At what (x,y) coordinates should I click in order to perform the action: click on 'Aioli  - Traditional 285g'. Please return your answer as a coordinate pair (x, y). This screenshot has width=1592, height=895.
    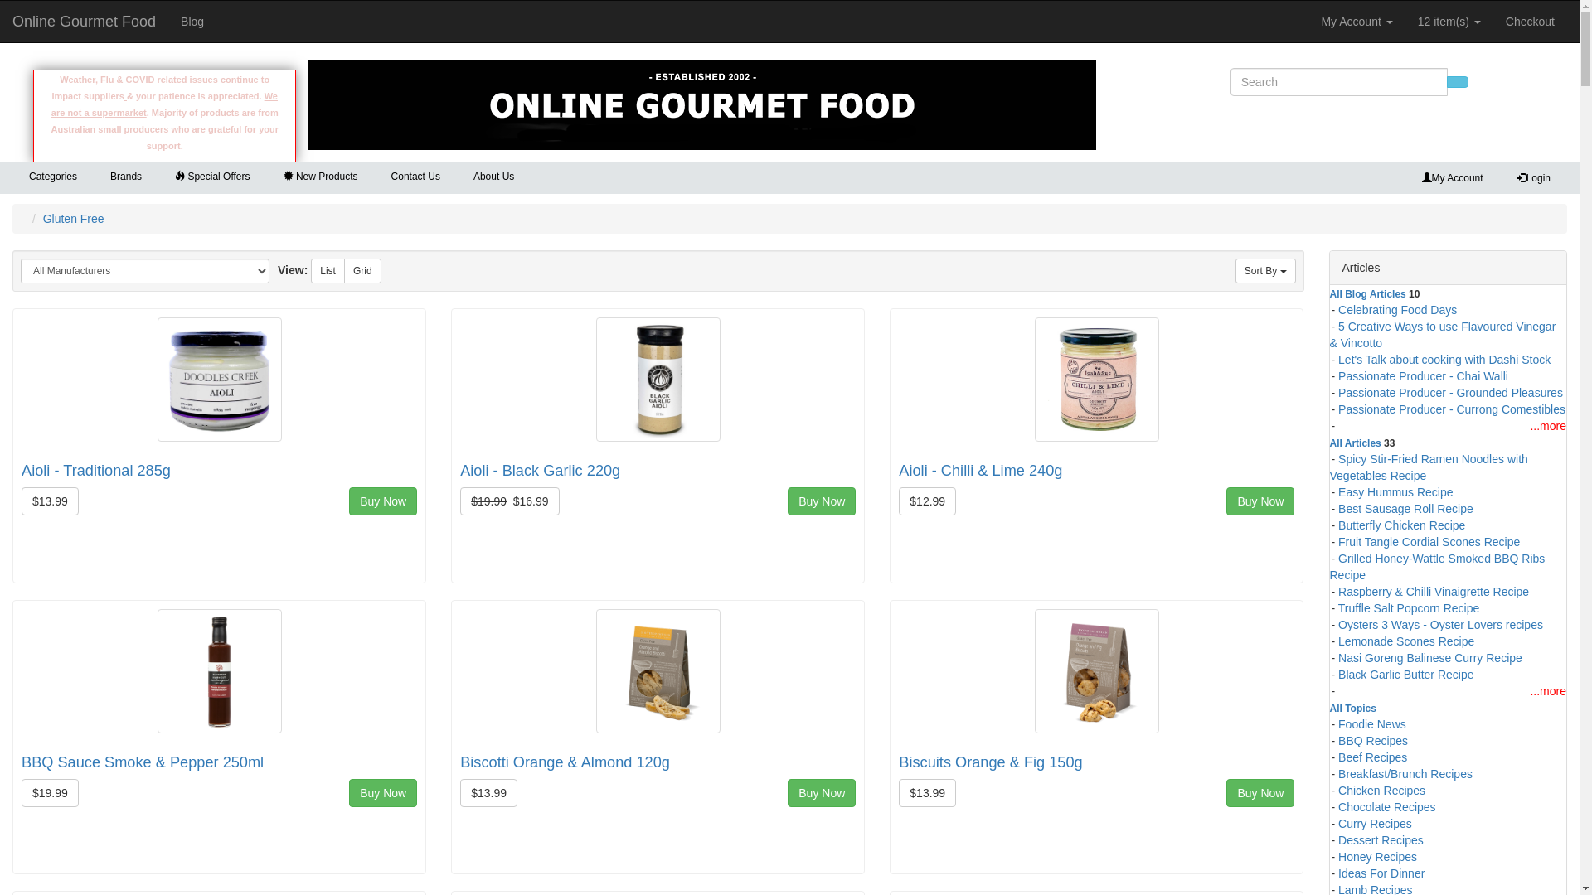
    Looking at the image, I should click on (218, 377).